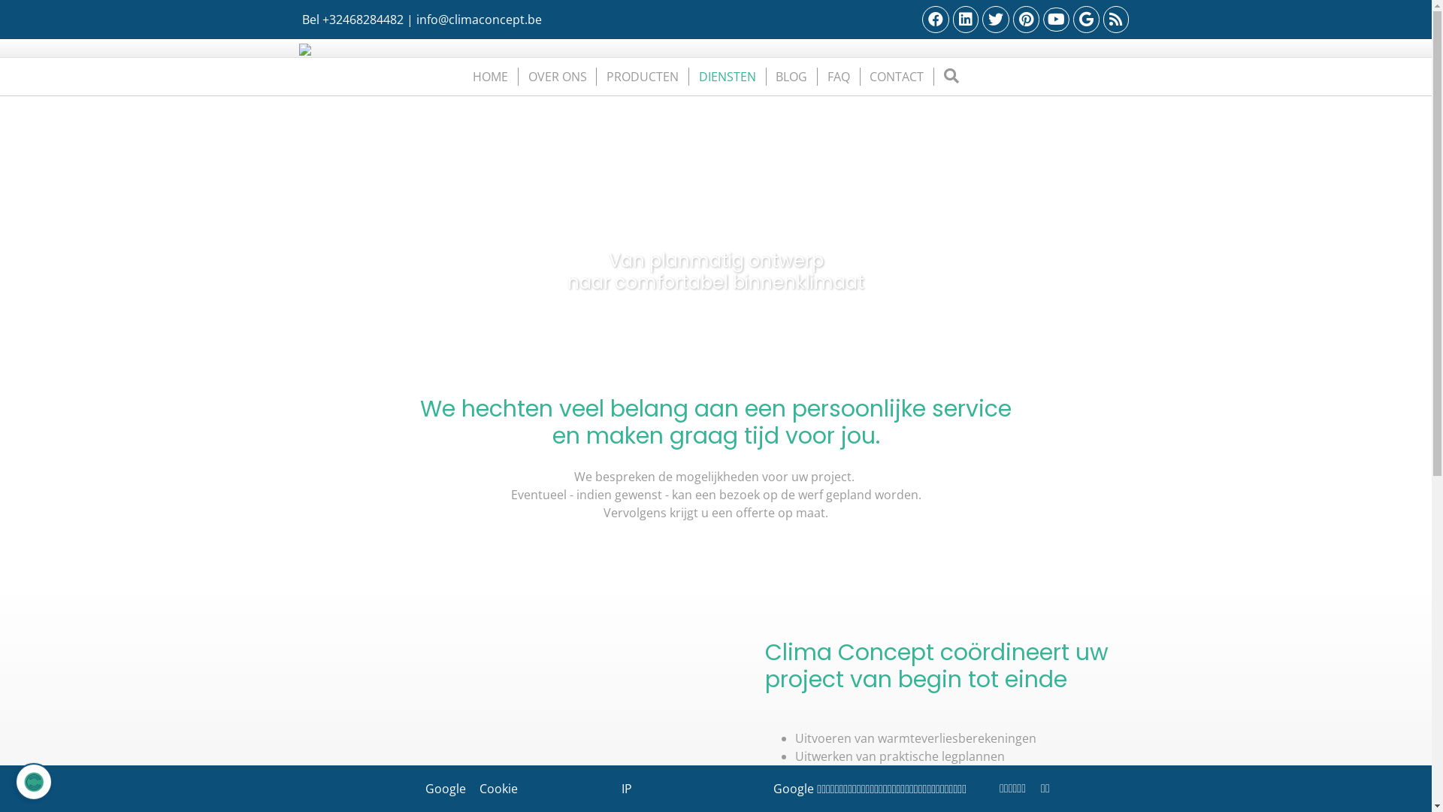 The image size is (1443, 812). Describe the element at coordinates (790, 76) in the screenshot. I see `'BLOG'` at that location.